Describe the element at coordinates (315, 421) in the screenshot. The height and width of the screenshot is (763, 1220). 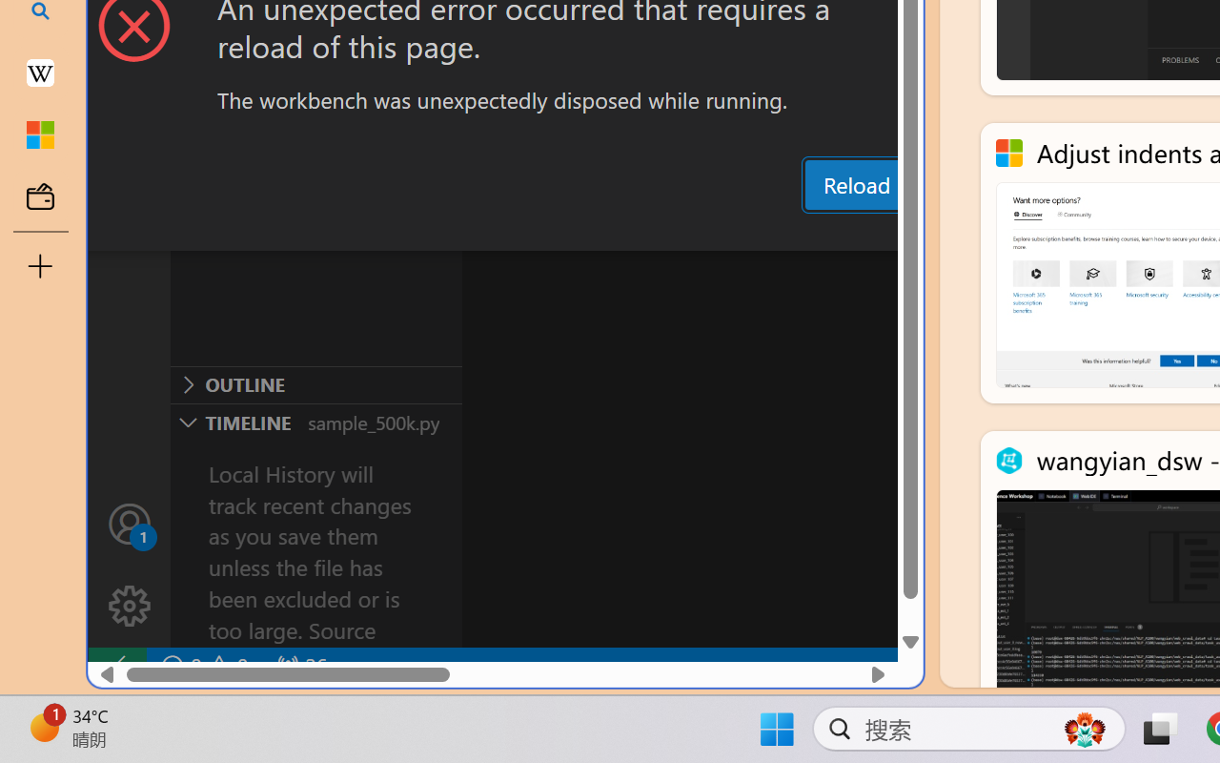
I see `'Timeline Section'` at that location.